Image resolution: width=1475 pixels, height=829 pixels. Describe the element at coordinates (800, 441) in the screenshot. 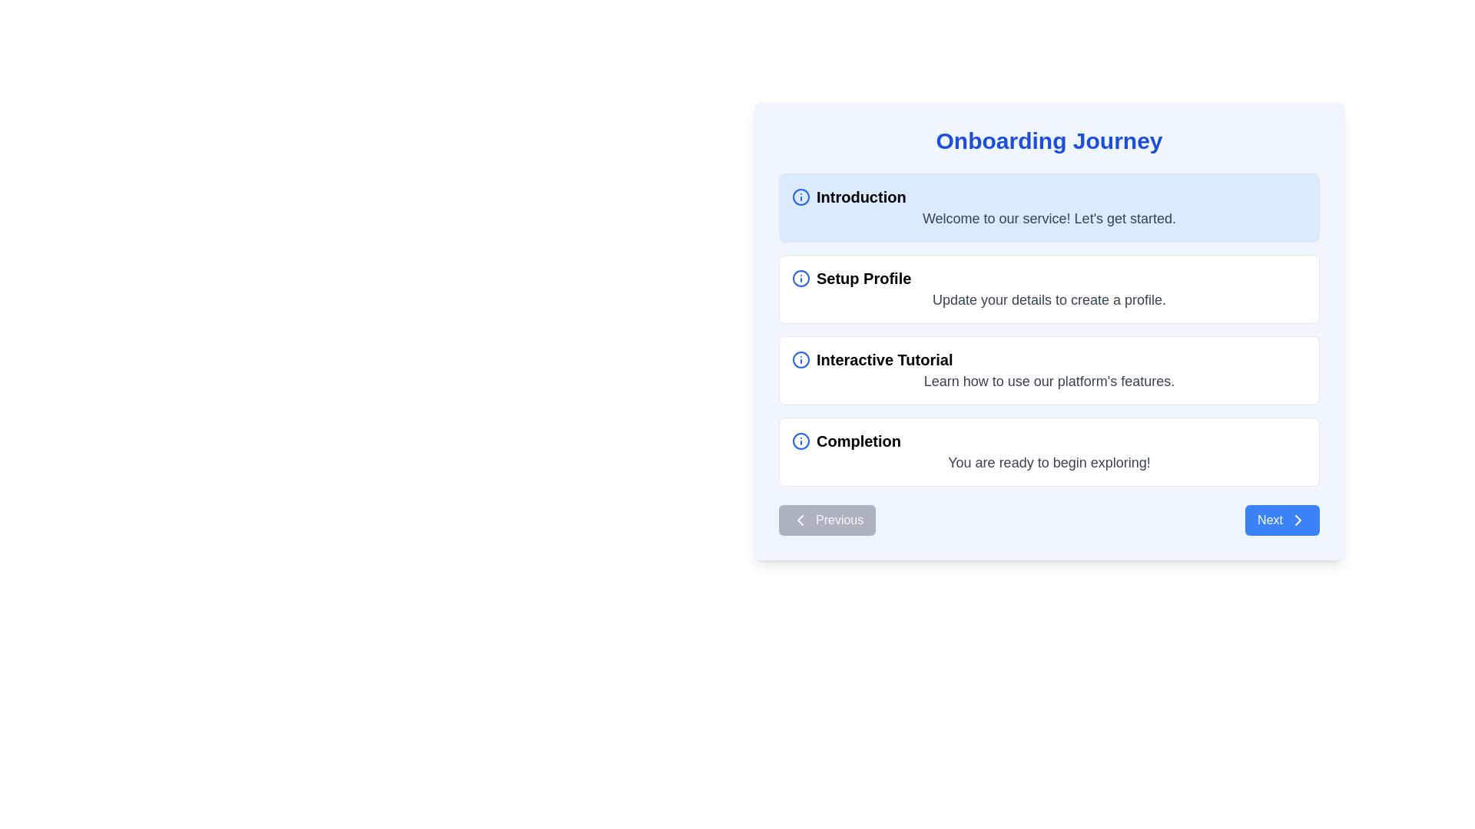

I see `the circular SVG element with a blue outline located to the left of the text 'Introduction' in the onboarding steps` at that location.